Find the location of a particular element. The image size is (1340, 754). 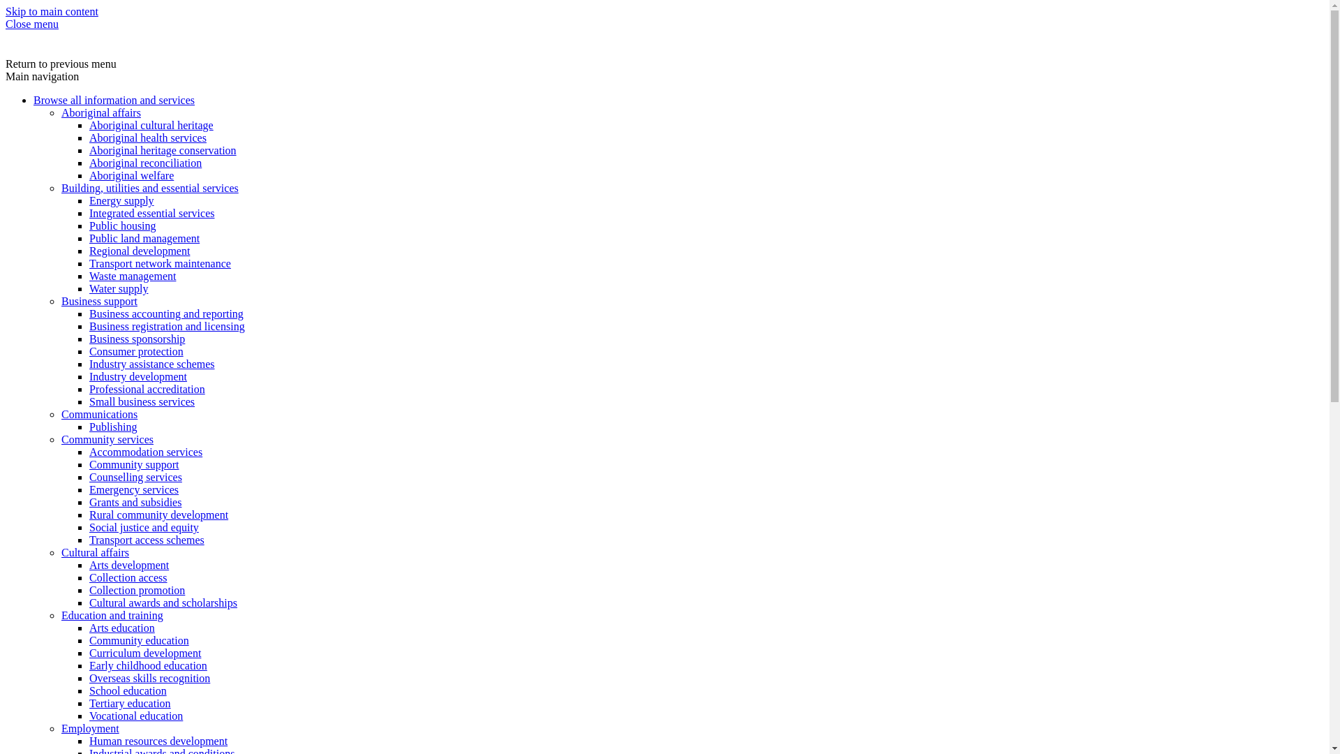

'Small business services' is located at coordinates (142, 401).